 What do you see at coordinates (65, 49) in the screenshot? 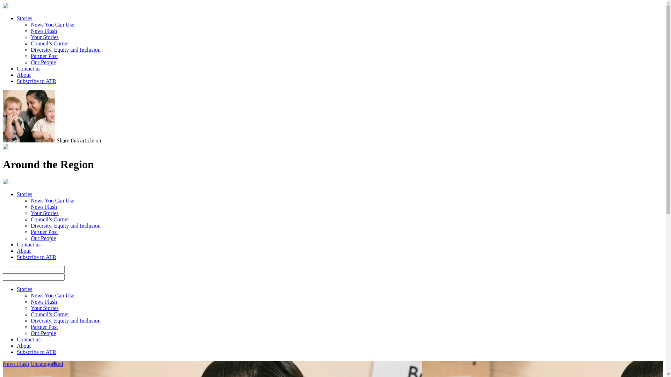
I see `'Diversity, Equity and Inclusion'` at bounding box center [65, 49].